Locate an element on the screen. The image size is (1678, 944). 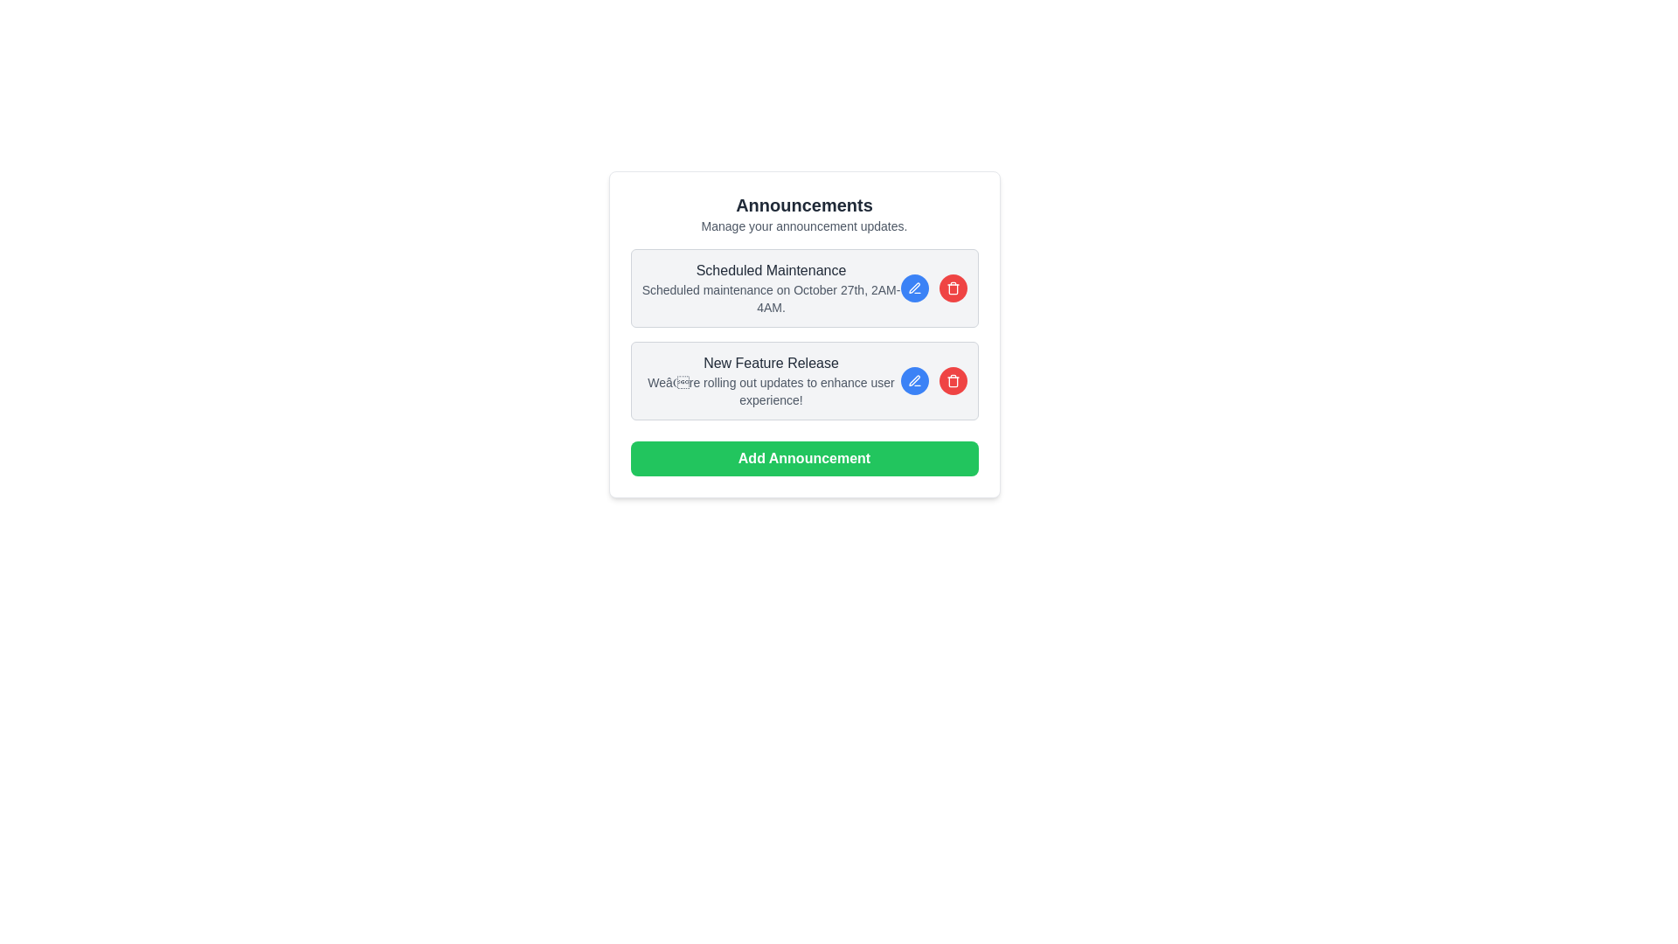
the delete button in the 'Announcements' section, specifically in the second row labeled 'New Feature Release' is located at coordinates (952, 379).